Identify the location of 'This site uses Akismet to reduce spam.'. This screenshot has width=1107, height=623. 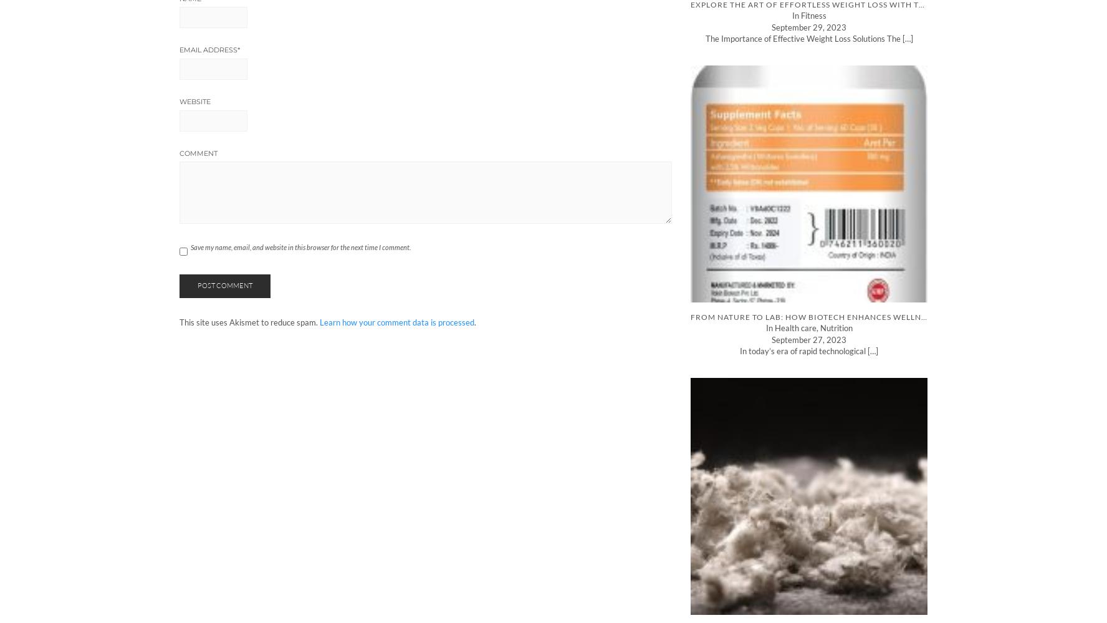
(180, 321).